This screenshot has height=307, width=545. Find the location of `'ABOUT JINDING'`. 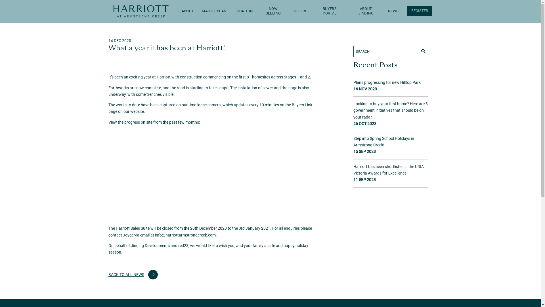

'ABOUT JINDING' is located at coordinates (366, 11).